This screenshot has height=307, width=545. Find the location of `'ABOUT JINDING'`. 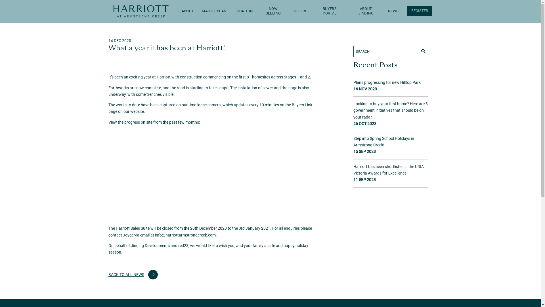

'ABOUT JINDING' is located at coordinates (366, 11).